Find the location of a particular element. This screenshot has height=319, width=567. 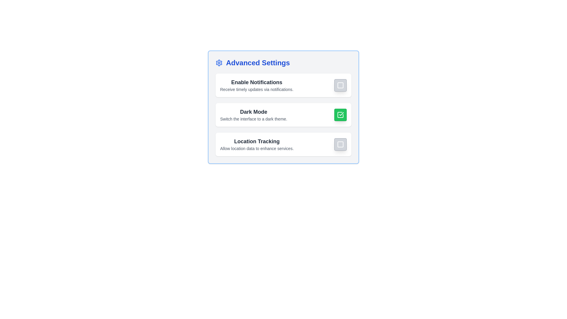

the 'Advanced Settings' text label, which is prominently styled in bold blue font and serves as a header for the section is located at coordinates (258, 63).